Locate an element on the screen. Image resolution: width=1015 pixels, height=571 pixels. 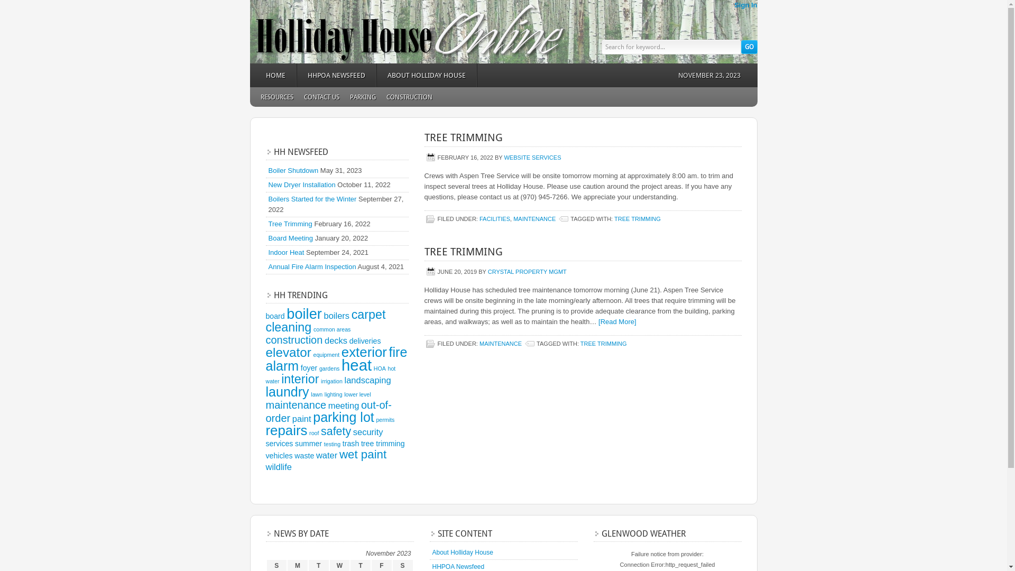
'Boiler Shutdown' is located at coordinates (269, 170).